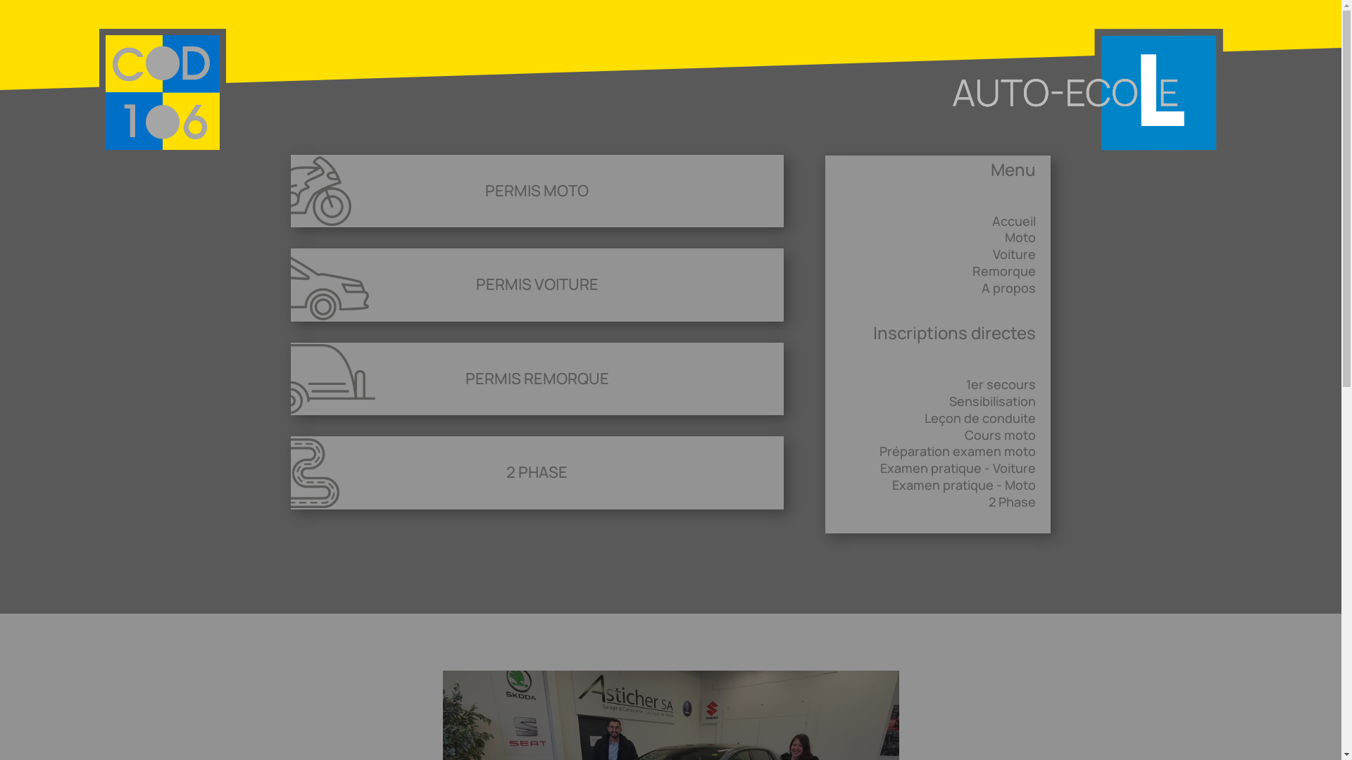 The image size is (1352, 760). Describe the element at coordinates (162, 92) in the screenshot. I see `'COD106_LOGO_Fond gris_gris clair'` at that location.